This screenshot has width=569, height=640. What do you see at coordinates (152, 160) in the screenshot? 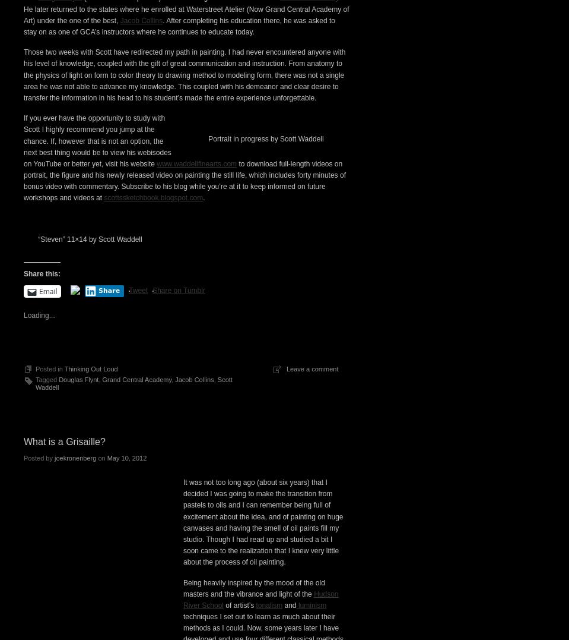
I see `'website'` at bounding box center [152, 160].